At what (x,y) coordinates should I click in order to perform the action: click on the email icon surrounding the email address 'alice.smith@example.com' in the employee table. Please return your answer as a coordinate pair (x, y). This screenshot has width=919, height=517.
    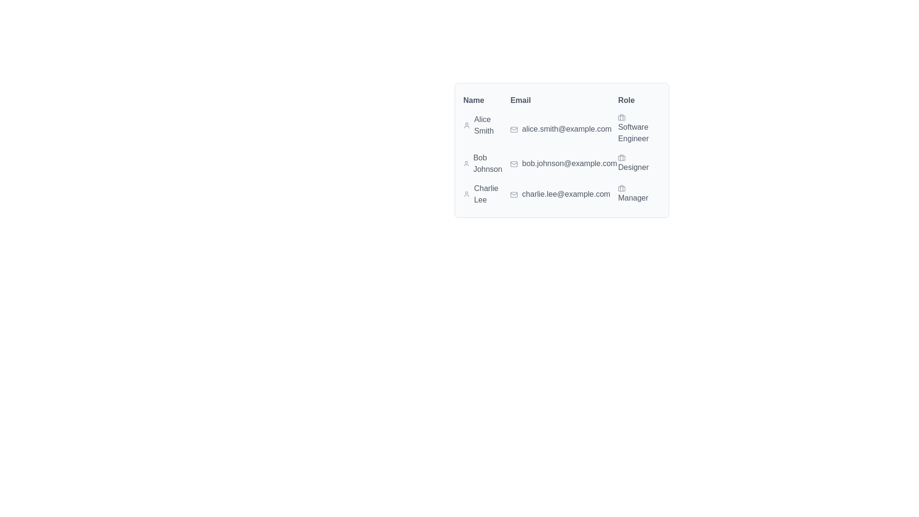
    Looking at the image, I should click on (514, 129).